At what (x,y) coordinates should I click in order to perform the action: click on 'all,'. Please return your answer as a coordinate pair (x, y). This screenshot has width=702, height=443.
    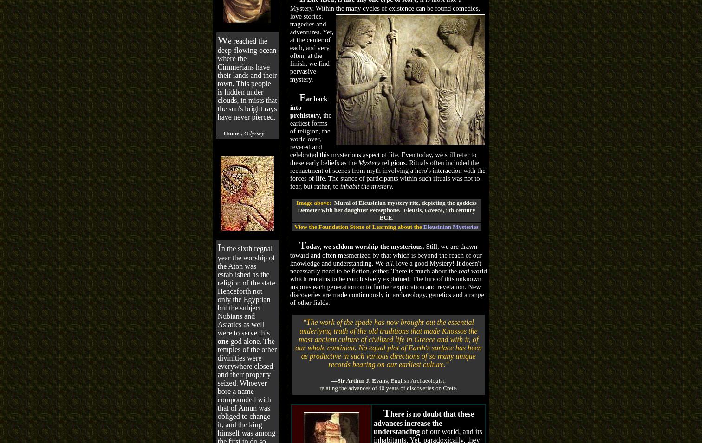
    Looking at the image, I should click on (389, 262).